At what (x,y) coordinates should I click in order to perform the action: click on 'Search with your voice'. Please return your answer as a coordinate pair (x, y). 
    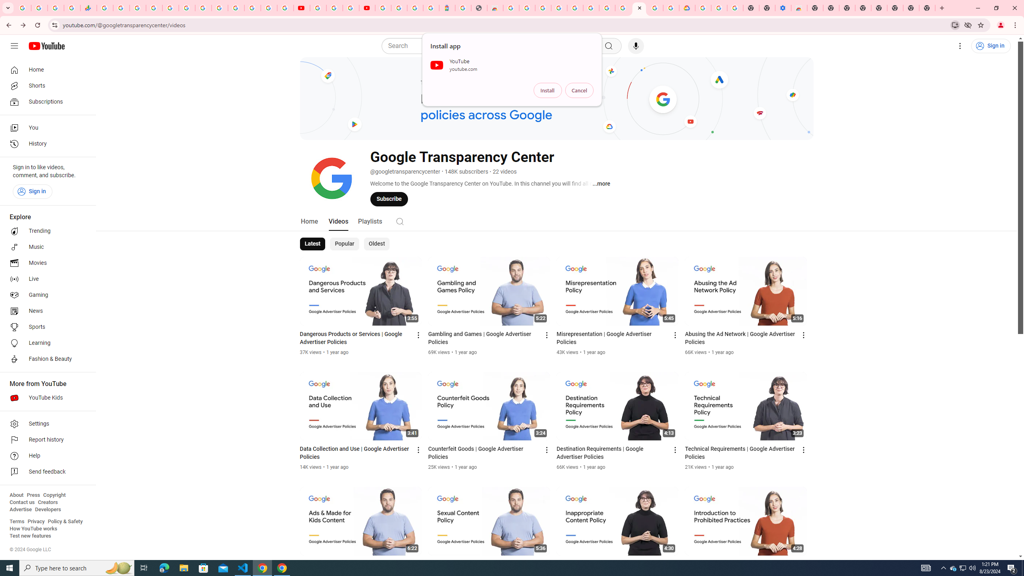
    Looking at the image, I should click on (636, 46).